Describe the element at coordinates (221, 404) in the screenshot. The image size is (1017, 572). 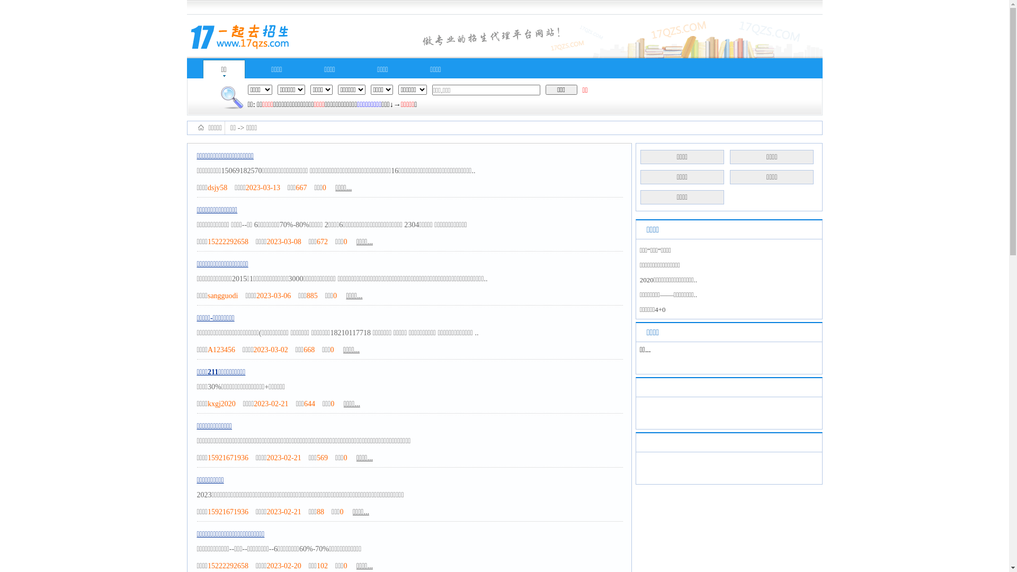
I see `'kxgj2020'` at that location.